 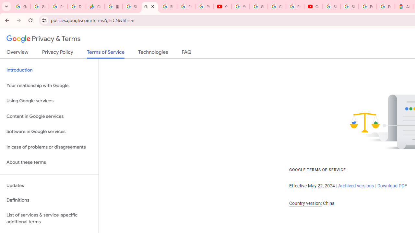 I want to click on 'Updates', so click(x=49, y=185).